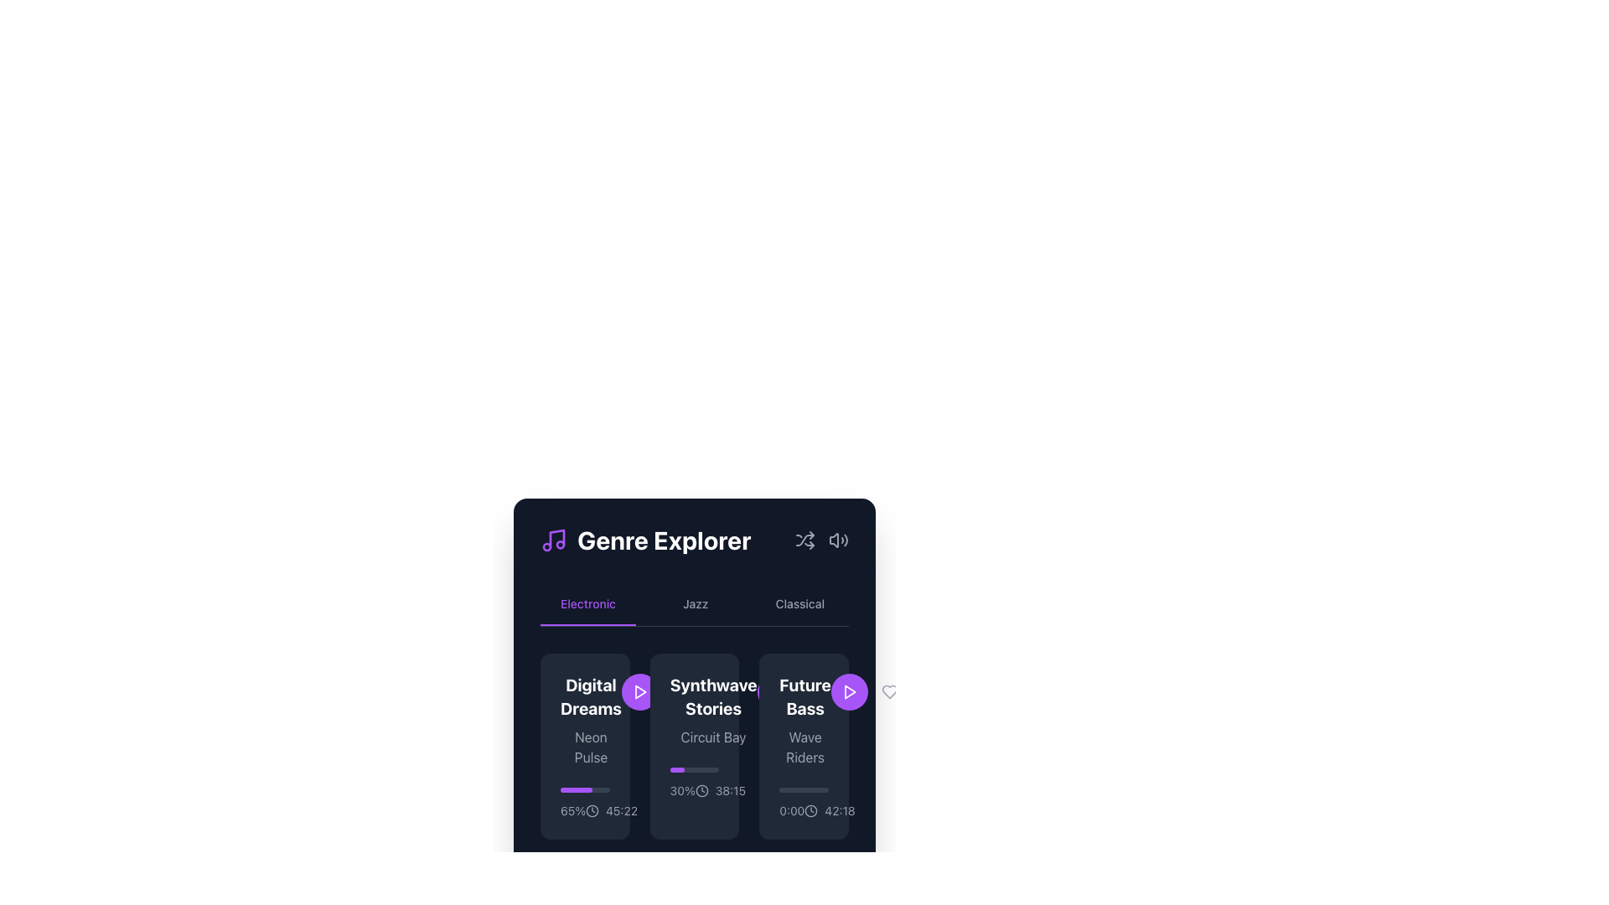  Describe the element at coordinates (805, 697) in the screenshot. I see `text label identifying the music genre located at the top of the rightmost box in the 'Genre Explorer' section` at that location.